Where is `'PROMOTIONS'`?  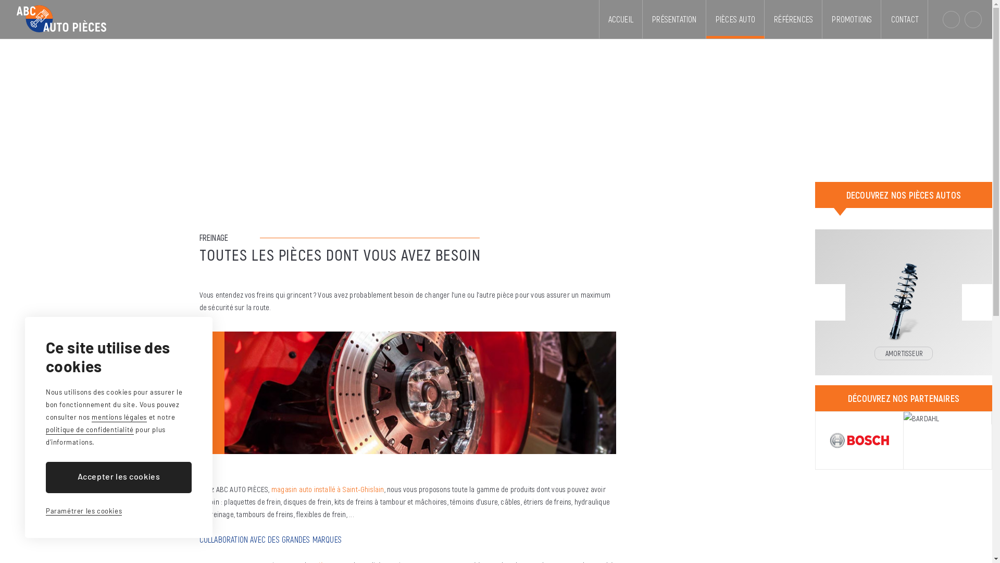 'PROMOTIONS' is located at coordinates (852, 19).